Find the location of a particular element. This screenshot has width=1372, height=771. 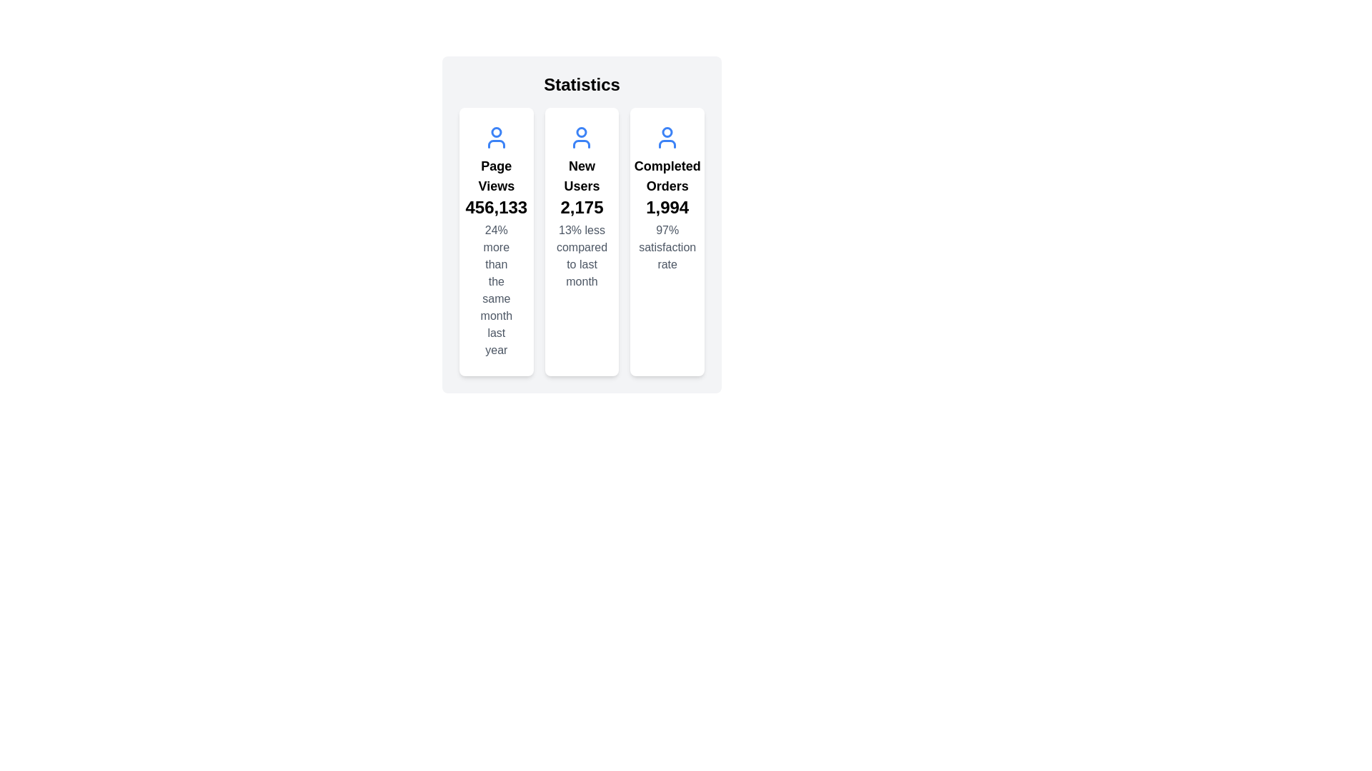

satisfaction percentage text label located below the bold text '1,994' in the 'Completed Orders' card within the statistics panel is located at coordinates (667, 247).